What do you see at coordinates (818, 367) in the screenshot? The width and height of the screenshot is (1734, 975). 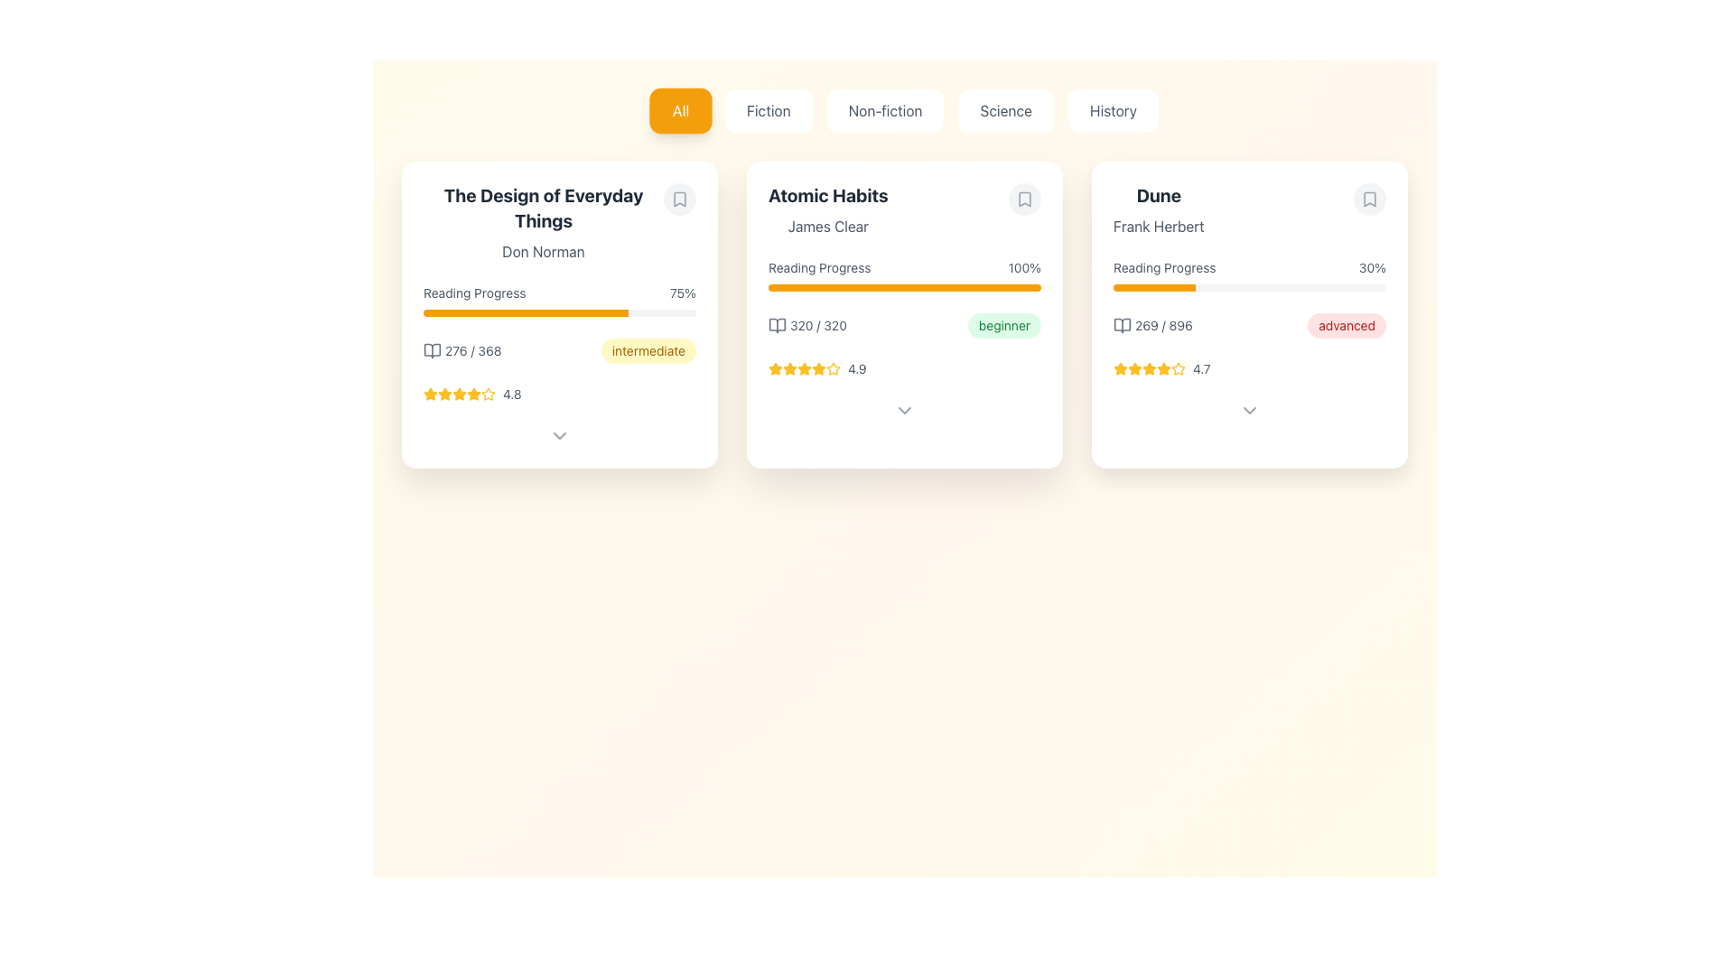 I see `the fourth star icon in the rating section of the 'Atomic Habits' card` at bounding box center [818, 367].